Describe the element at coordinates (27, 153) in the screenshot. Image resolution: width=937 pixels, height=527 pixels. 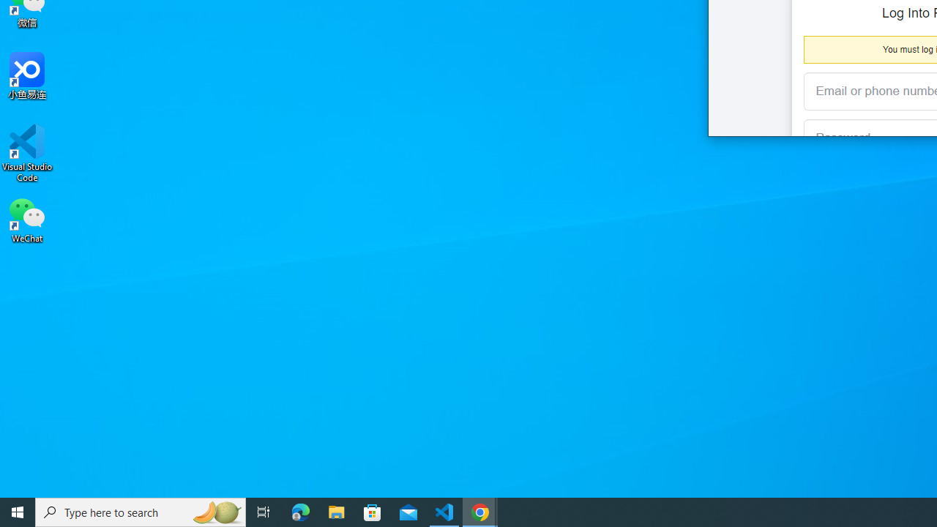
I see `'Visual Studio Code'` at that location.